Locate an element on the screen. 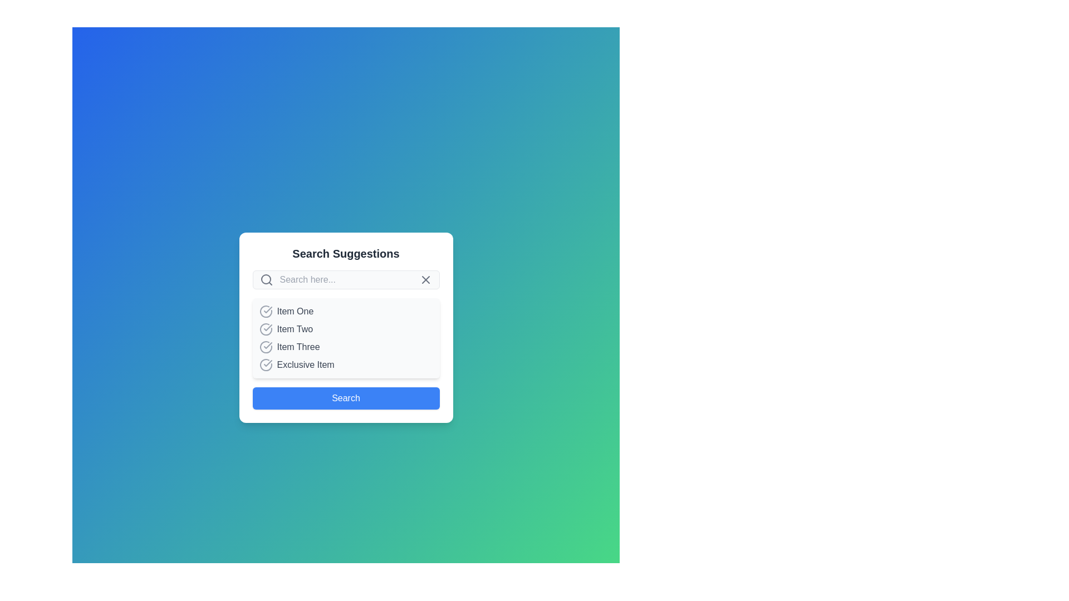 This screenshot has width=1069, height=601. the circular checkmark icon with a light gray stroke color, which is positioned to the left of the text 'Item One' in the first item of the vertical list of suggestions is located at coordinates (265, 311).